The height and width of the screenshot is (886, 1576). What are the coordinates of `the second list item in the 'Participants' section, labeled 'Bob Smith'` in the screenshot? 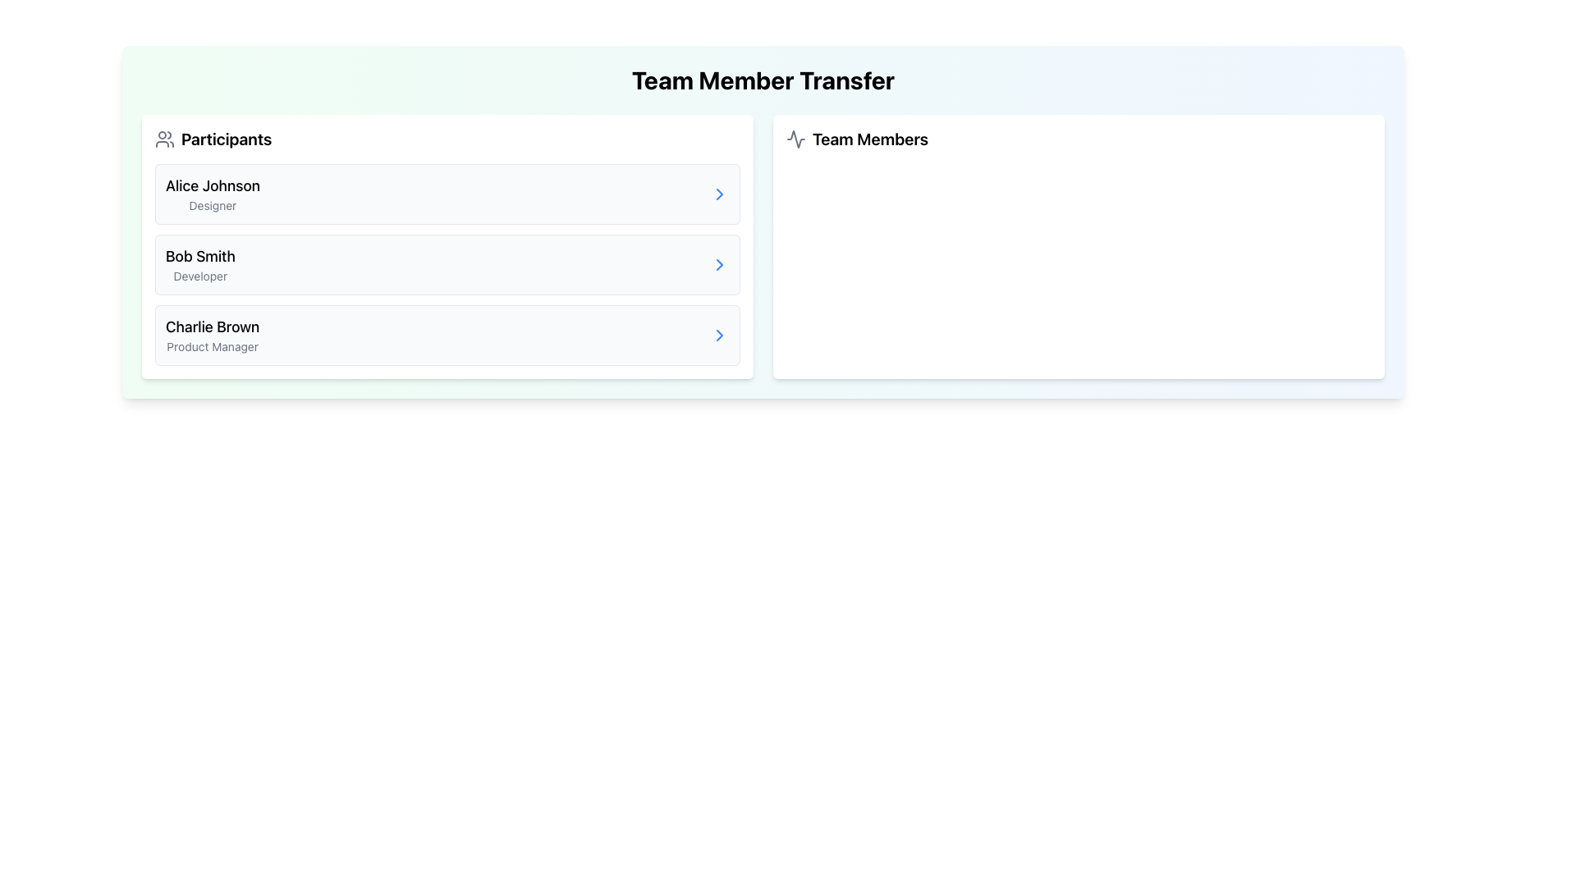 It's located at (447, 264).